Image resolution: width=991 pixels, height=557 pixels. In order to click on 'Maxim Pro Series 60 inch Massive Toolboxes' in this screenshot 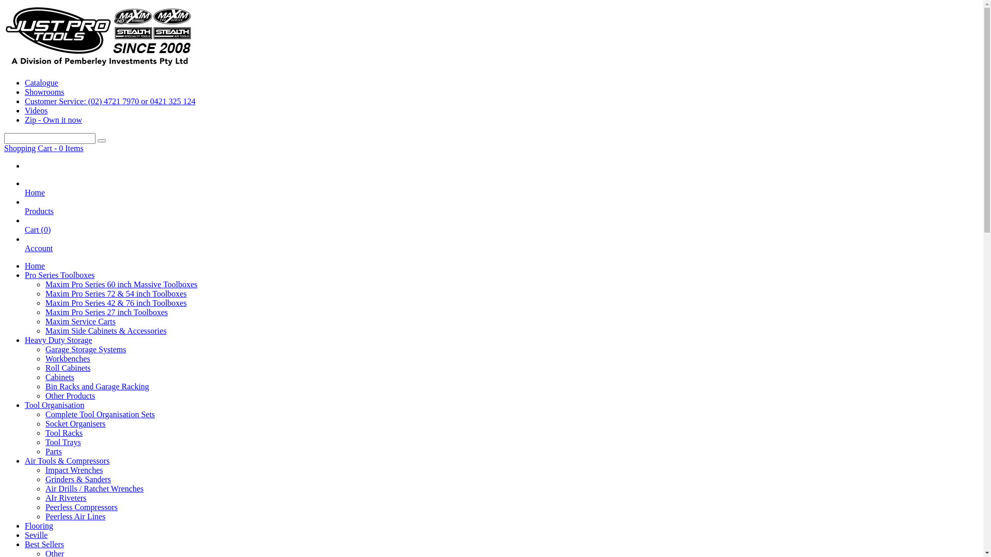, I will do `click(121, 284)`.